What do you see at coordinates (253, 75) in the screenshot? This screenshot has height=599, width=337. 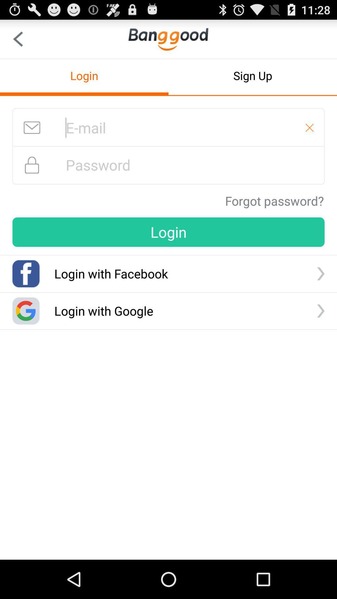 I see `item next to the login icon` at bounding box center [253, 75].